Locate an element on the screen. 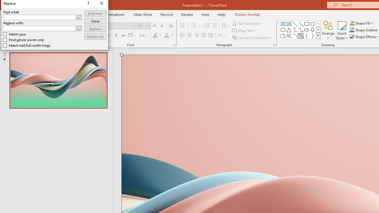 This screenshot has width=379, height=213. 'Find Next' is located at coordinates (95, 13).